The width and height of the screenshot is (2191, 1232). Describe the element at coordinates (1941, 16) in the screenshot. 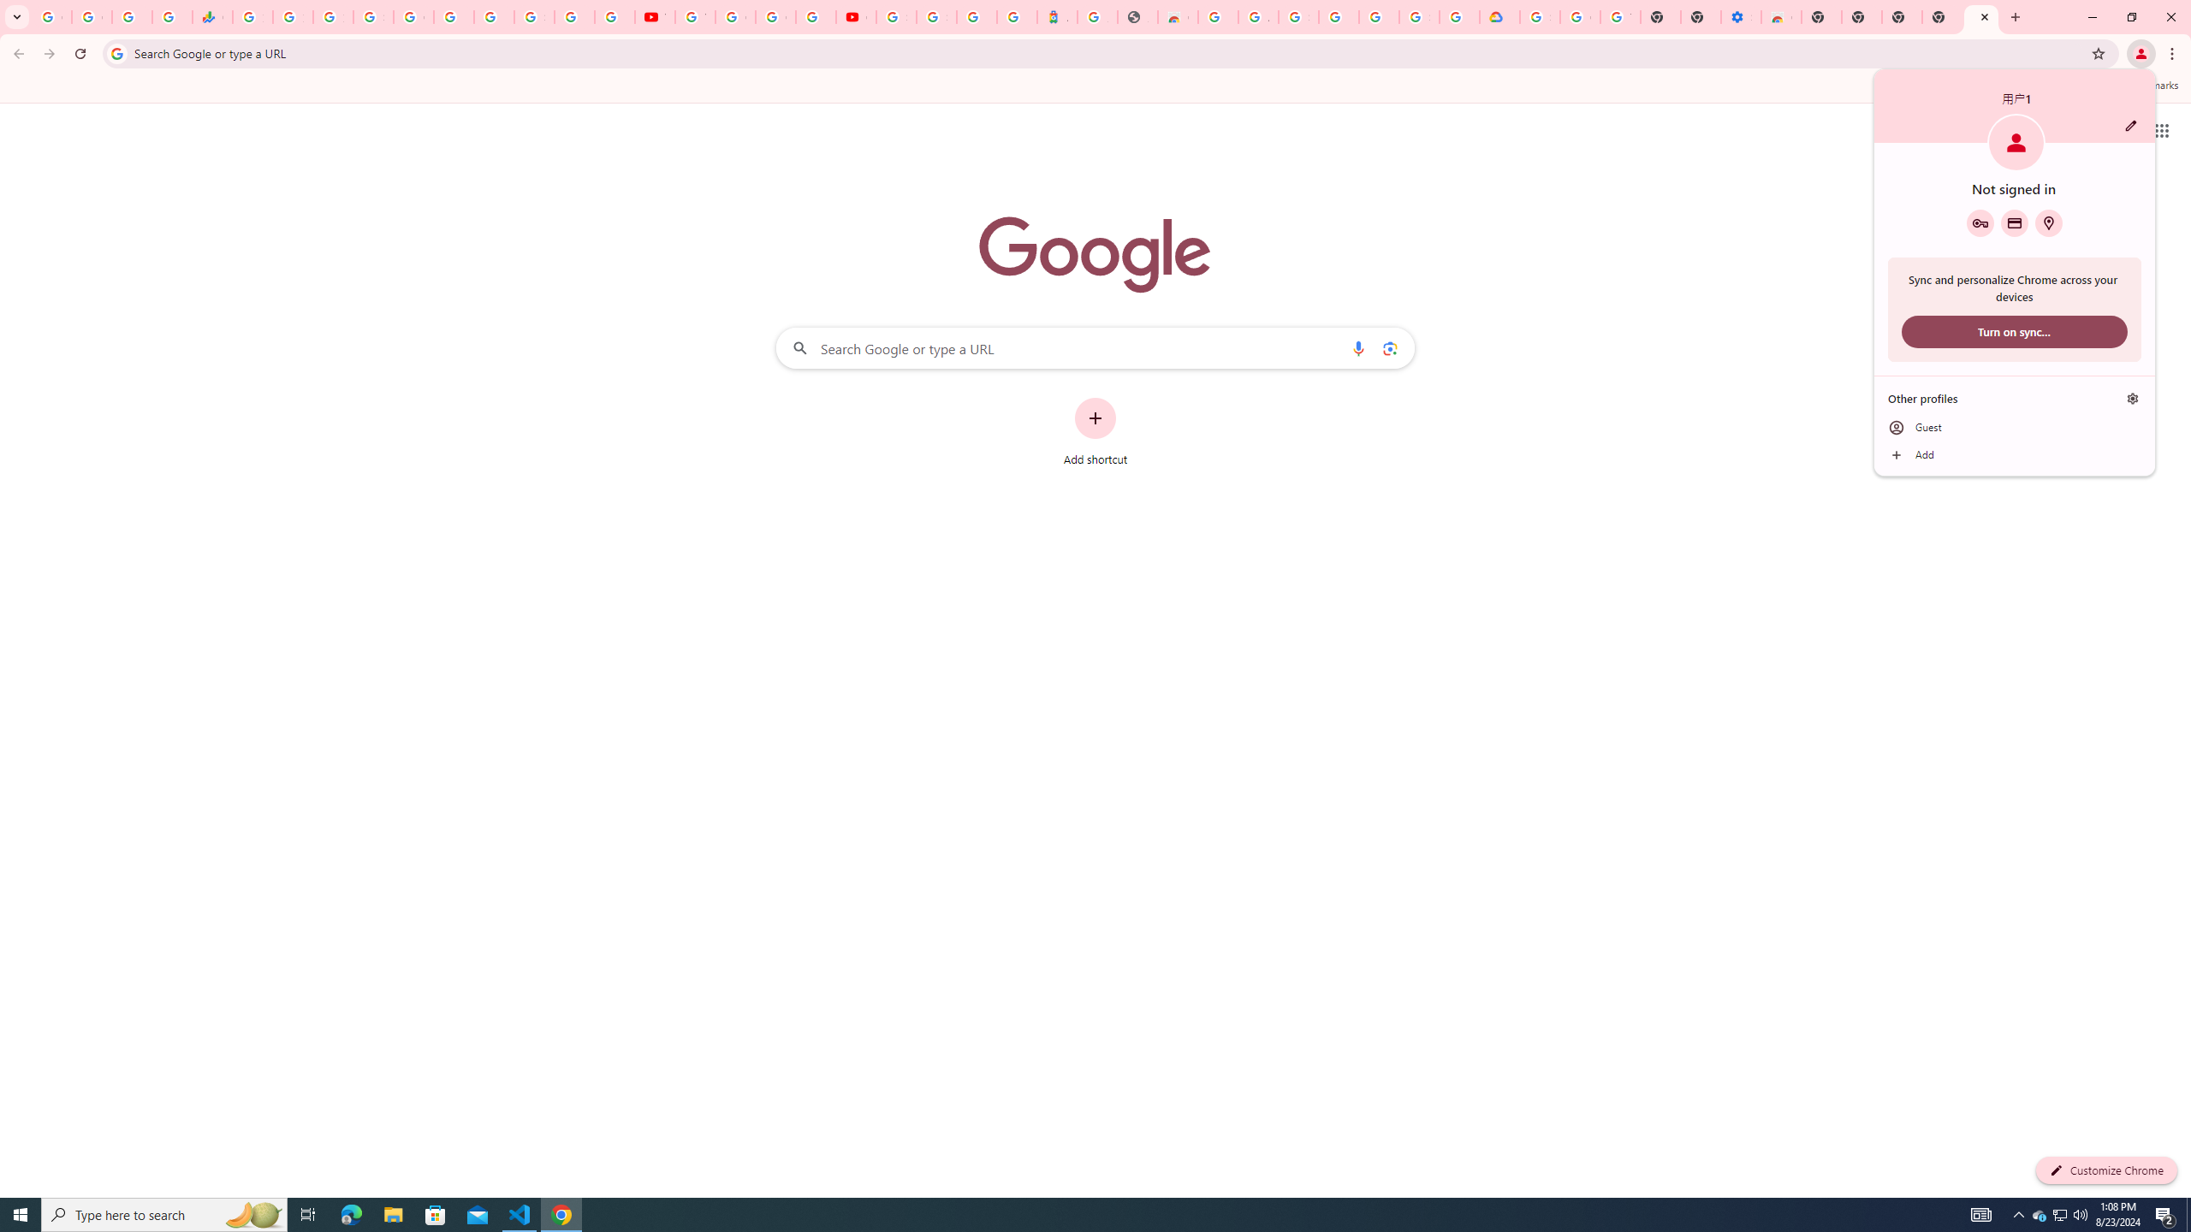

I see `'New Tab'` at that location.